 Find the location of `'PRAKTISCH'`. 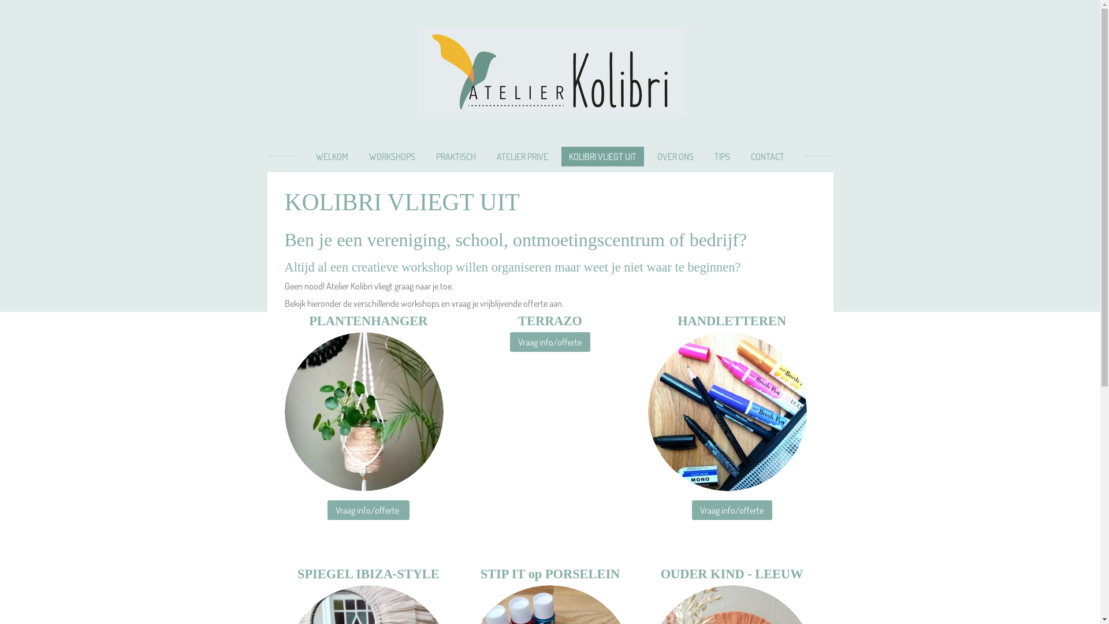

'PRAKTISCH' is located at coordinates (455, 156).